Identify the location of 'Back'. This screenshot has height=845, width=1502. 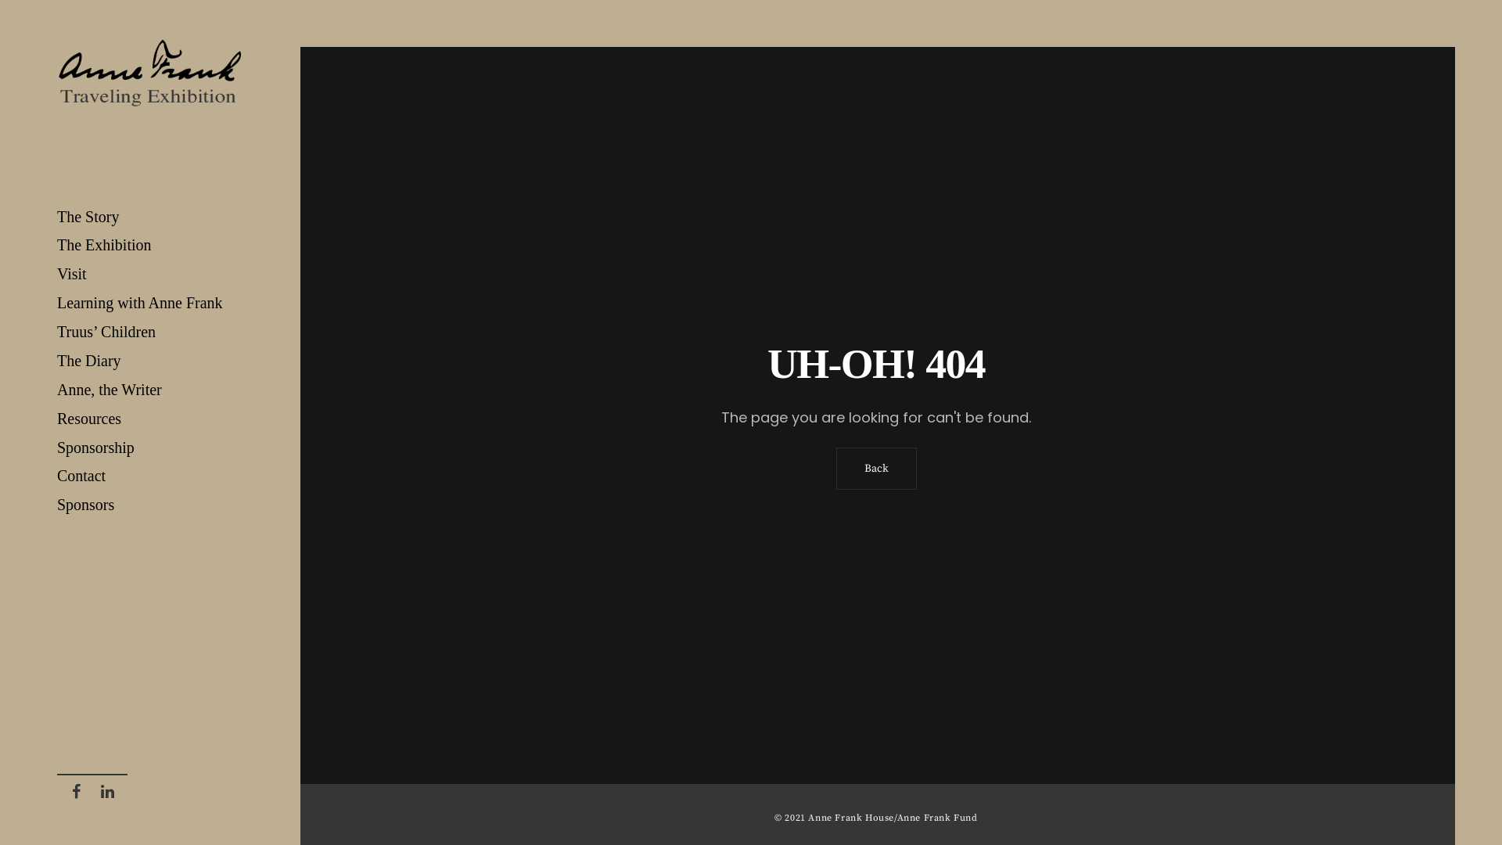
(875, 467).